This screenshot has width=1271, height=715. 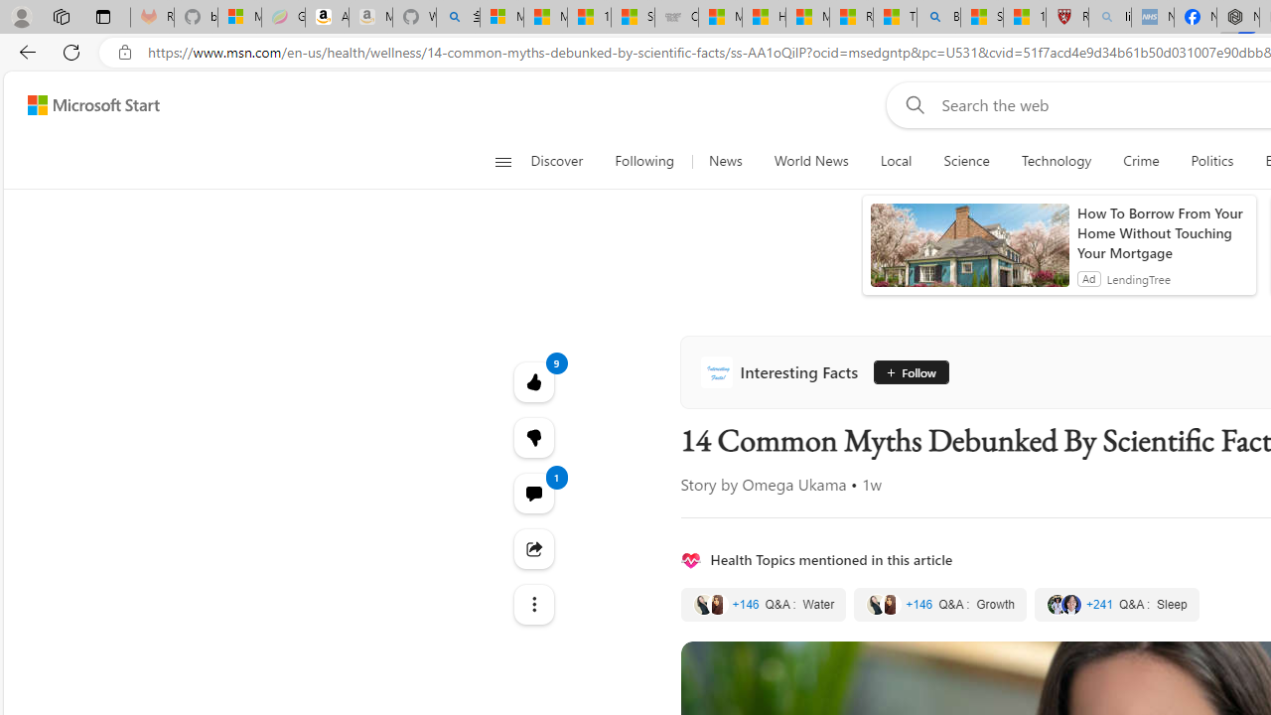 What do you see at coordinates (969, 252) in the screenshot?
I see `'anim-content'` at bounding box center [969, 252].